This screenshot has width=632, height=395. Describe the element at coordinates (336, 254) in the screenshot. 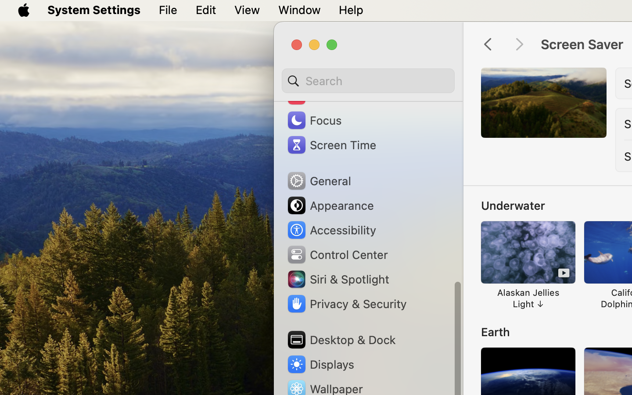

I see `'Control Center'` at that location.